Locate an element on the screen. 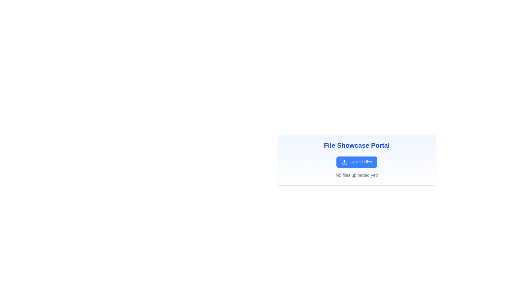 This screenshot has height=296, width=526. the blue button labeled 'Upload Files' which contains the upload icon positioned to its left is located at coordinates (344, 162).